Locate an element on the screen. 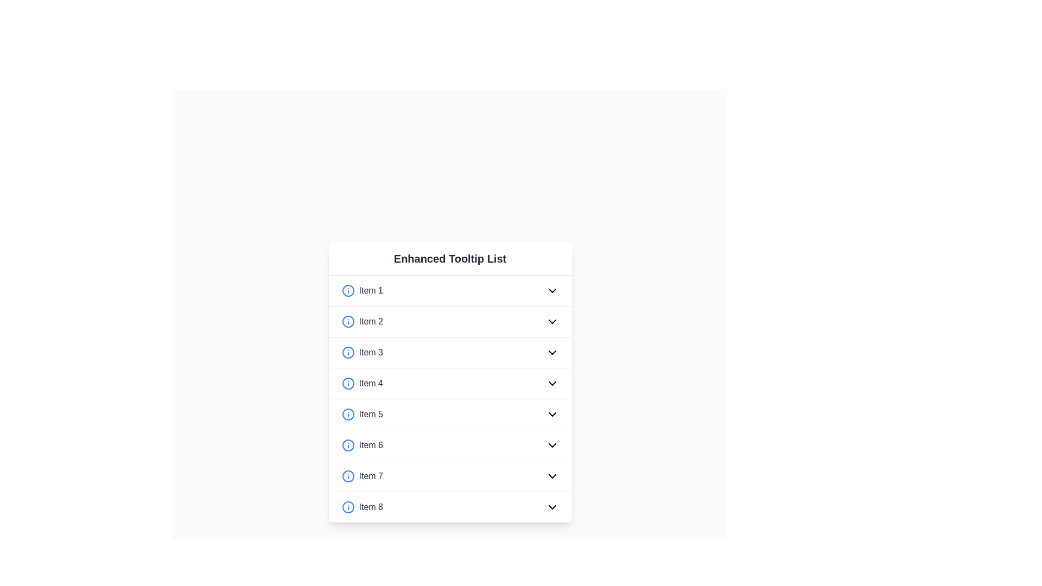 The height and width of the screenshot is (586, 1042). the third item in the dropdown list under the header 'Enhanced Tooltip List' to focus on it is located at coordinates (450, 353).